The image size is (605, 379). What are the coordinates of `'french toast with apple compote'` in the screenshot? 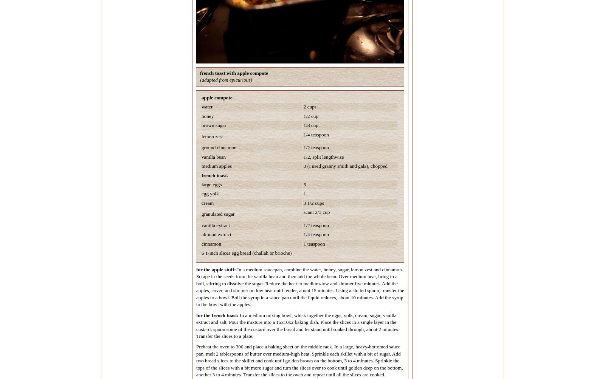 It's located at (199, 72).